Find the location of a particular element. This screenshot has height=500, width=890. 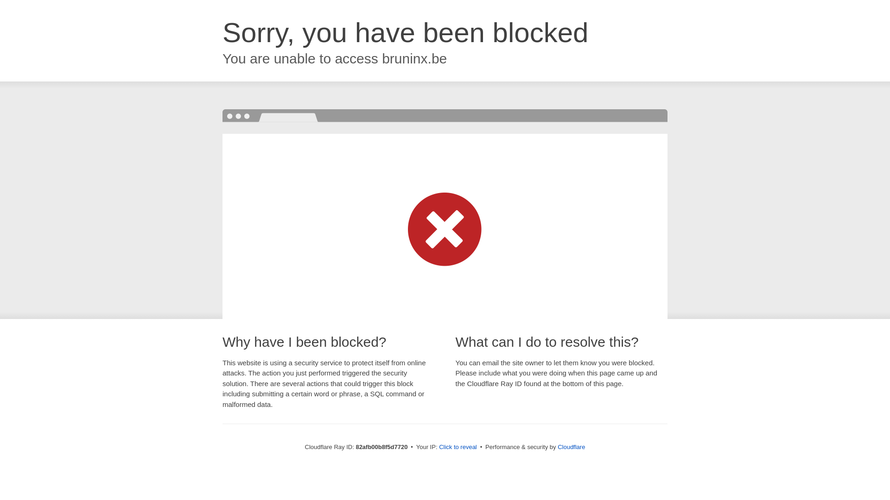

'Cloudflare' is located at coordinates (571, 446).